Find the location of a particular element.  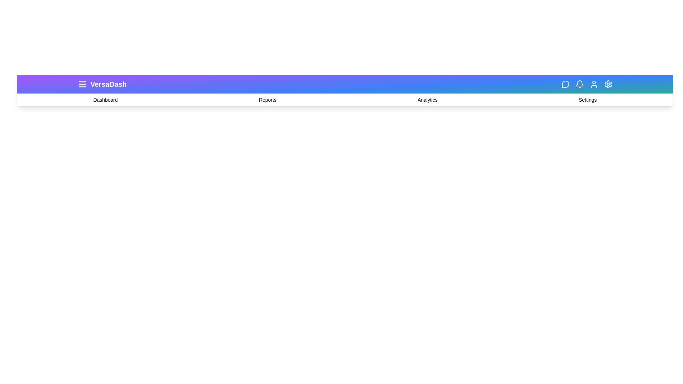

the 'Dashboard' label in the navigation bar is located at coordinates (105, 100).